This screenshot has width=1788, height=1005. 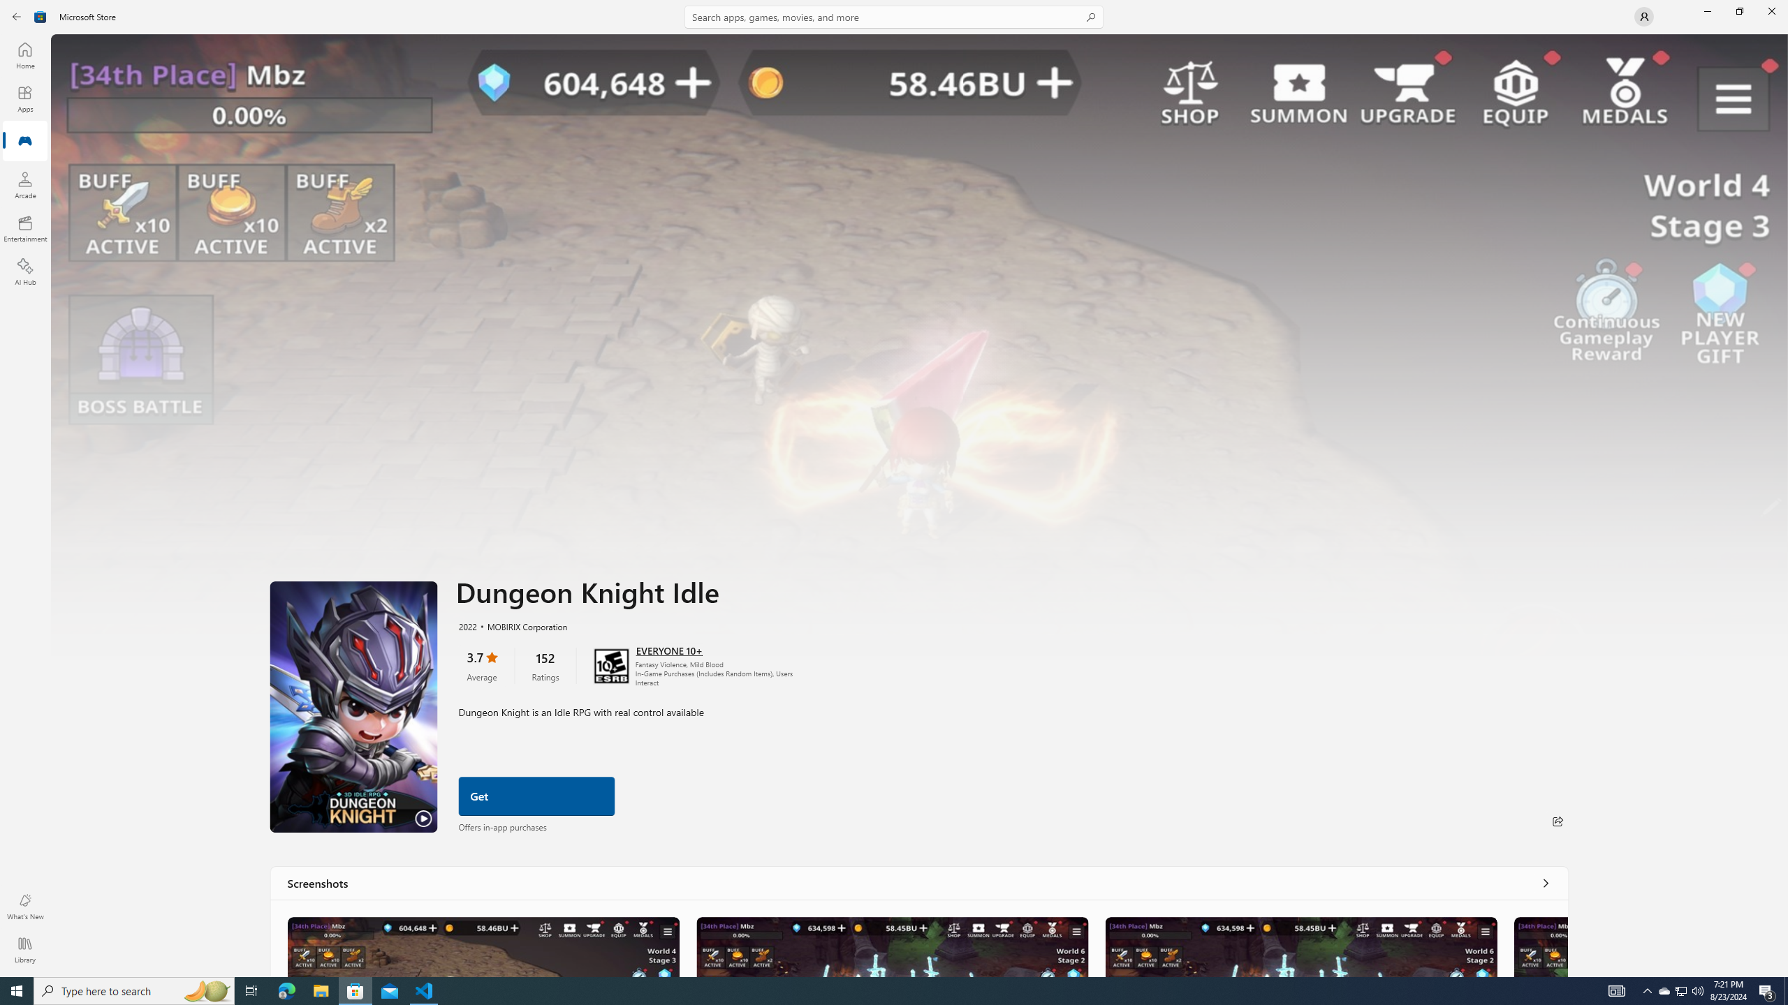 I want to click on 'Get', so click(x=536, y=796).